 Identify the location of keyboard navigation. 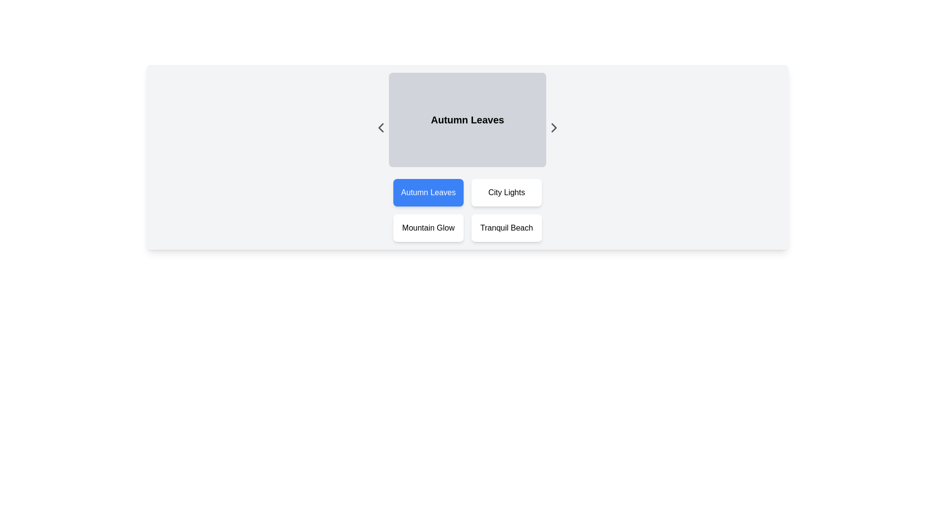
(467, 210).